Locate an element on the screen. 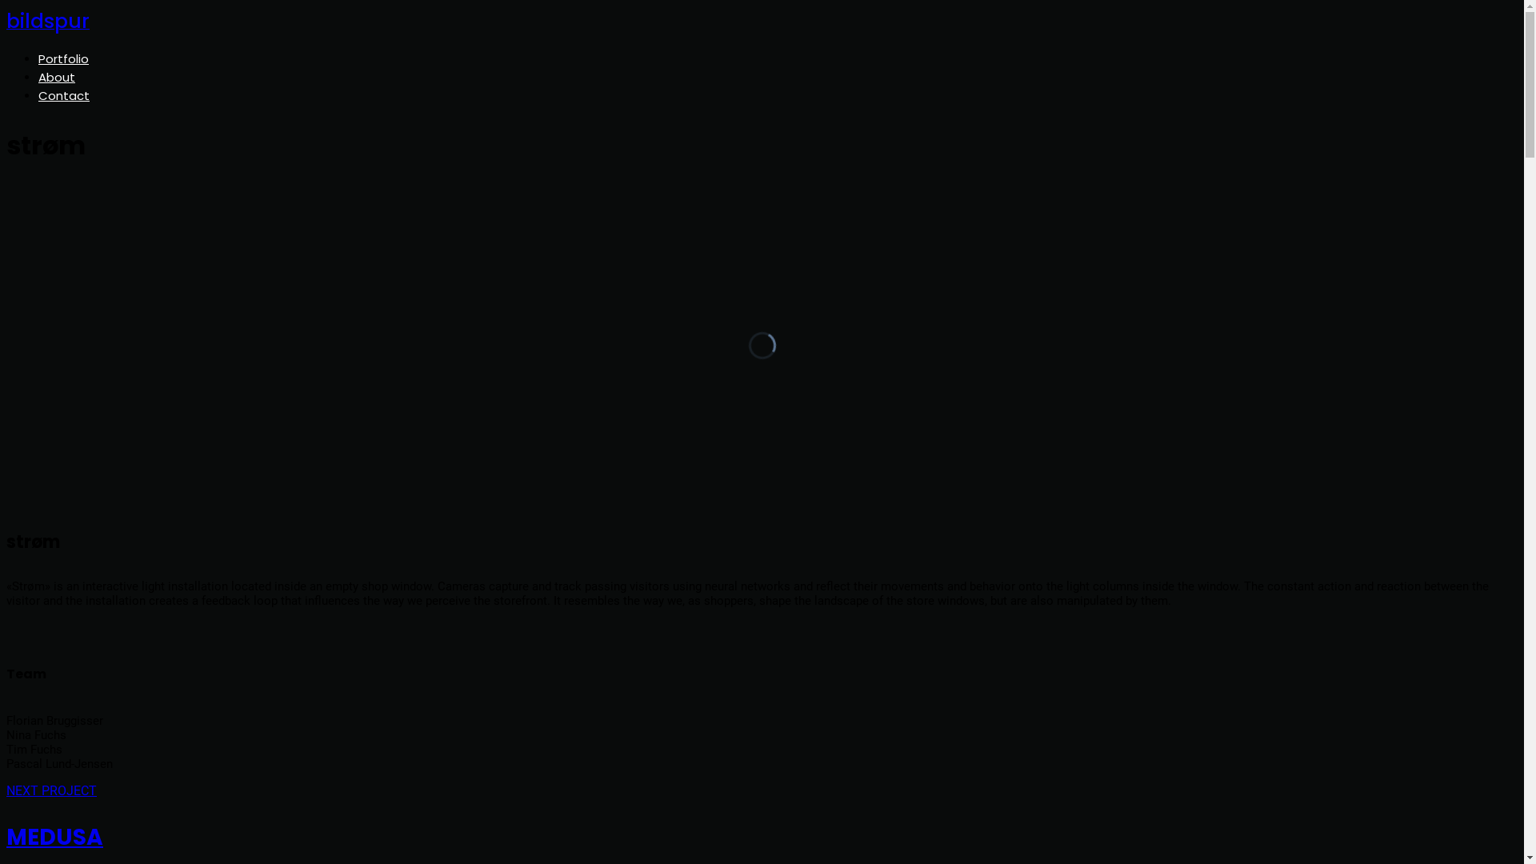 Image resolution: width=1536 pixels, height=864 pixels. 'Contact' is located at coordinates (64, 95).